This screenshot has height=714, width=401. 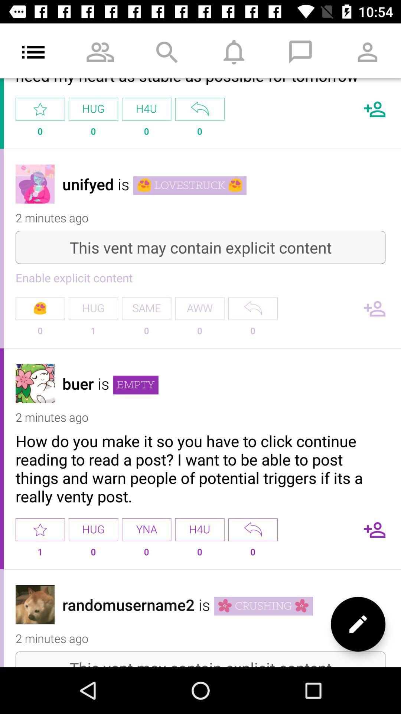 I want to click on the item above the 2 minutes ago, so click(x=263, y=606).